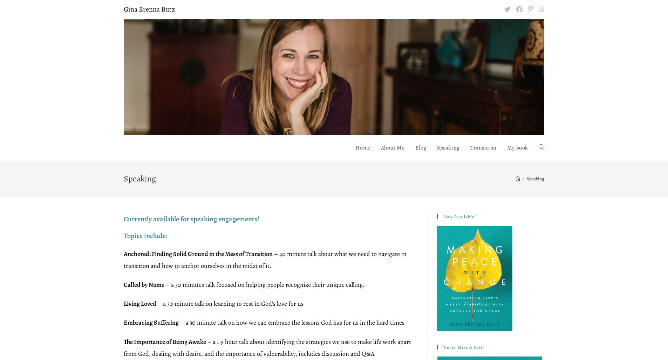 This screenshot has width=668, height=360. I want to click on 'Never Miss a Post!', so click(463, 346).